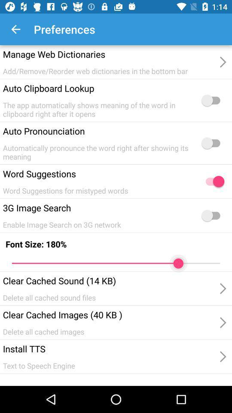 This screenshot has height=413, width=232. I want to click on 3g image search option, so click(212, 215).